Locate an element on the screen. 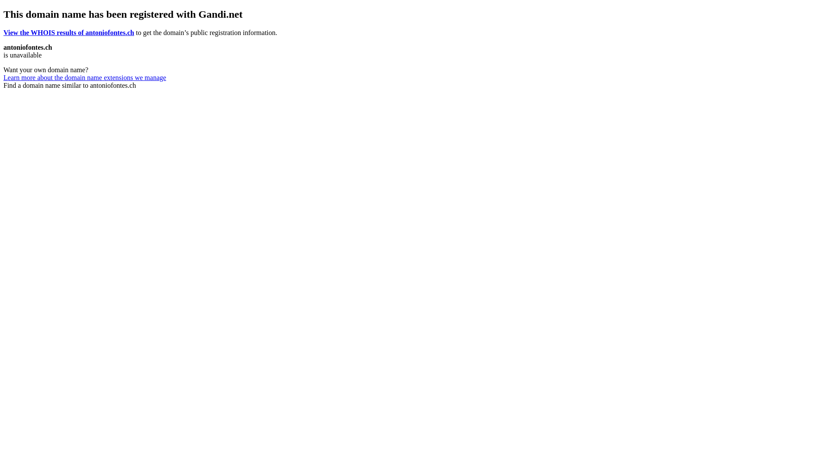 This screenshot has height=467, width=831. 'Learn more about the domain name extensions we manage' is located at coordinates (85, 77).